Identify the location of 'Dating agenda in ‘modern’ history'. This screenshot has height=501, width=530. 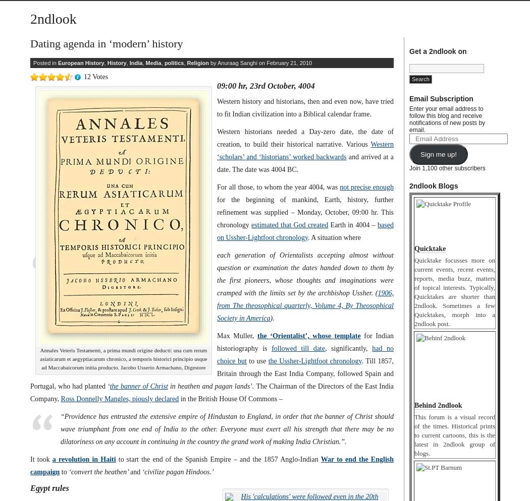
(29, 43).